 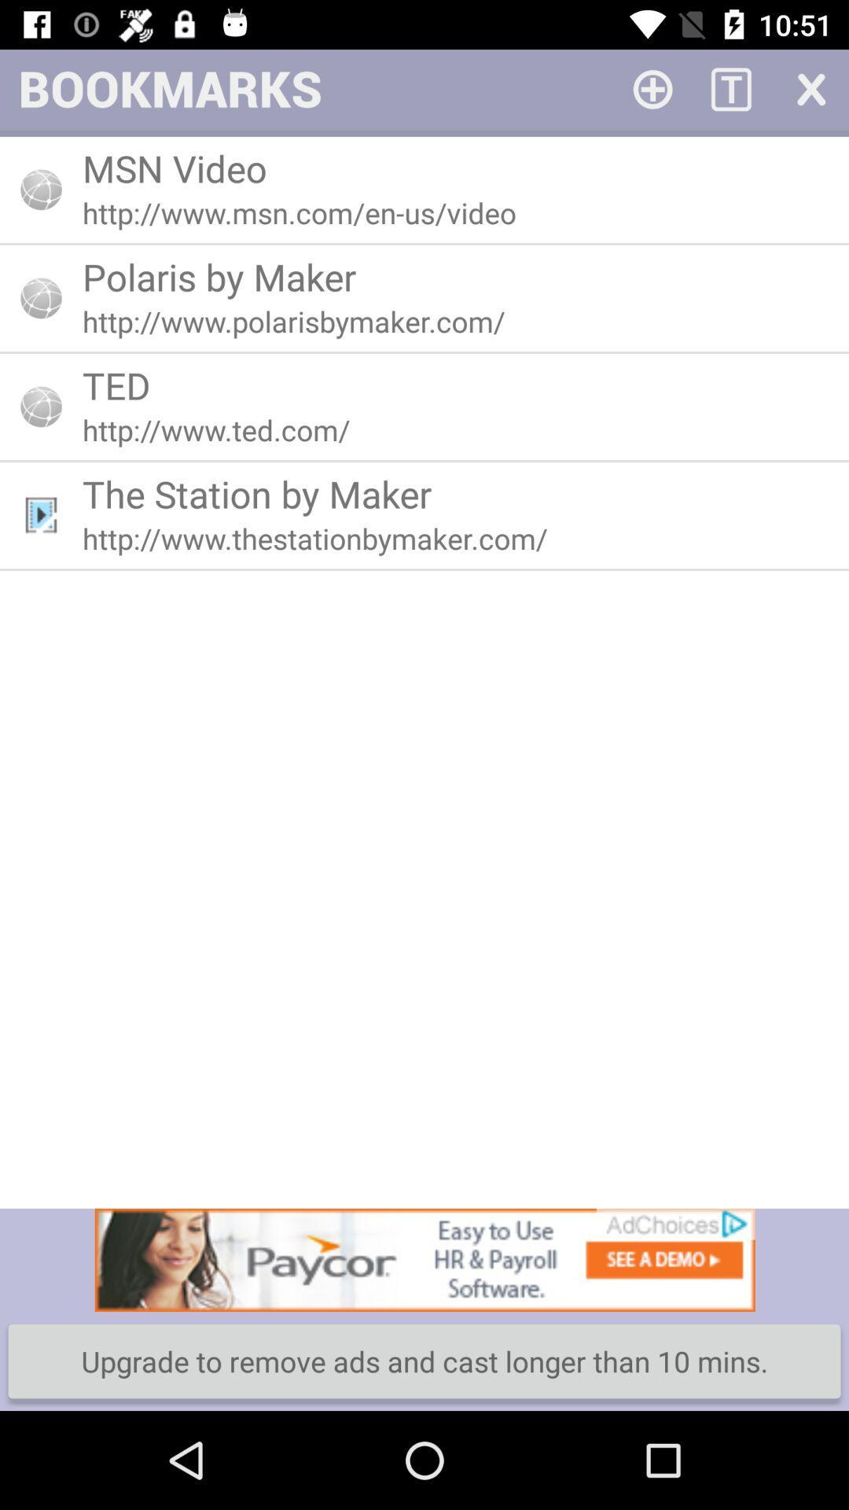 What do you see at coordinates (810, 87) in the screenshot?
I see `the bookmarks` at bounding box center [810, 87].